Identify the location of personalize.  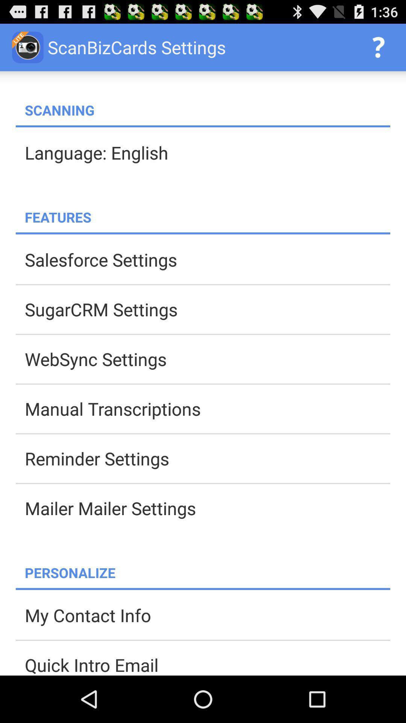
(207, 572).